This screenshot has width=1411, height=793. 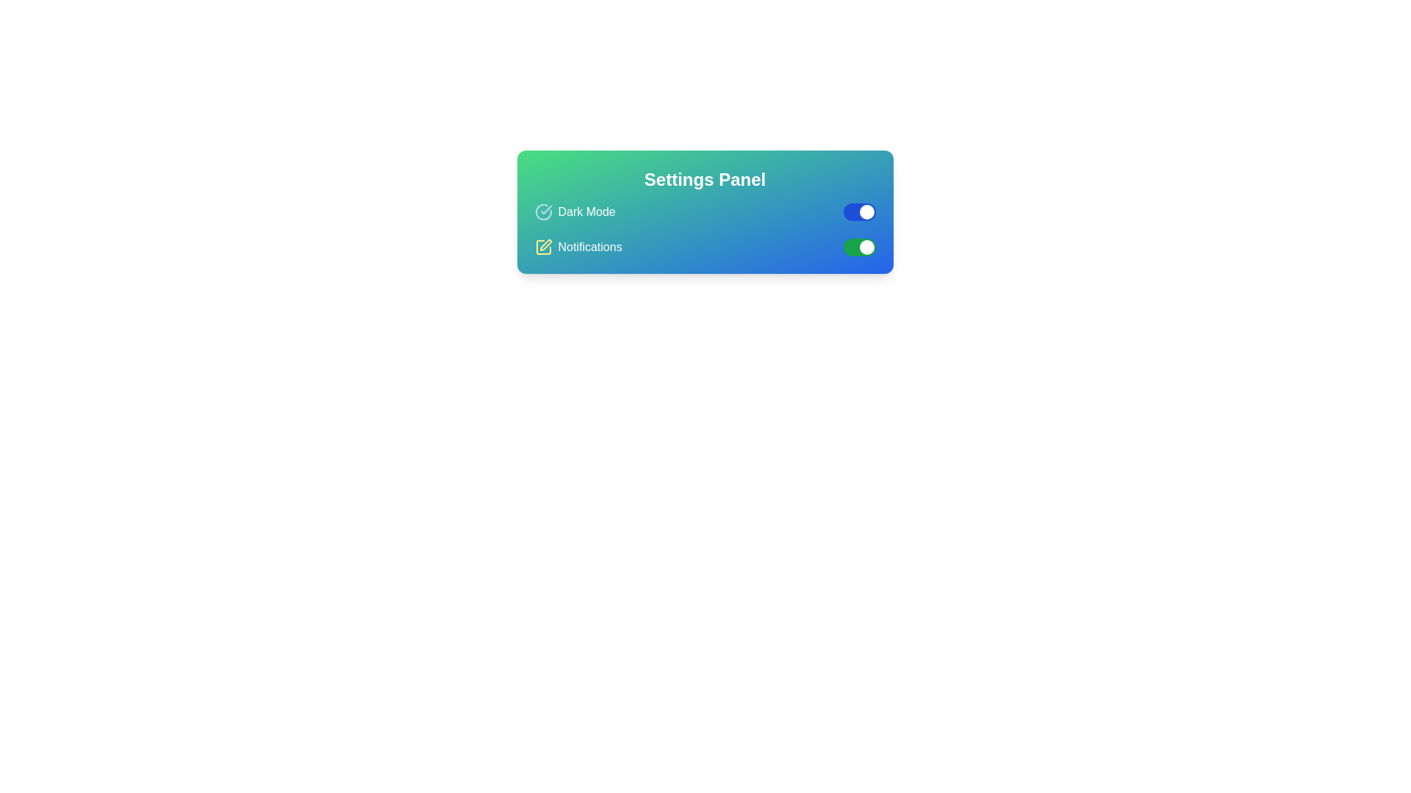 I want to click on the circular light blue checkmark icon located to the left of the 'Dark Mode' text in the upper settings panel, so click(x=542, y=212).